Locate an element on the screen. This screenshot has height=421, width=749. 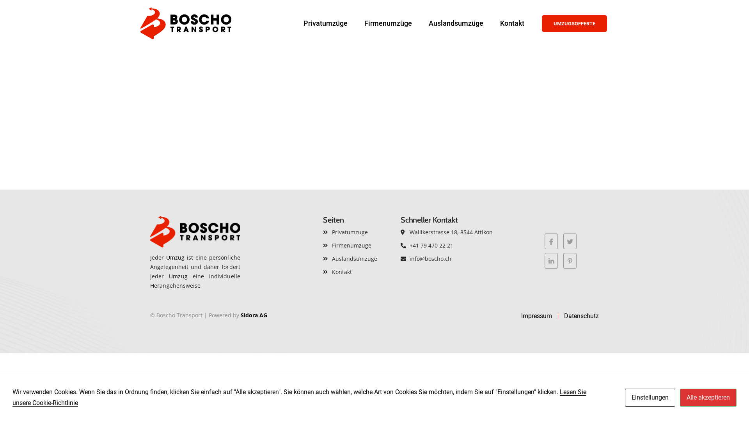
'Einstellungen' is located at coordinates (650, 398).